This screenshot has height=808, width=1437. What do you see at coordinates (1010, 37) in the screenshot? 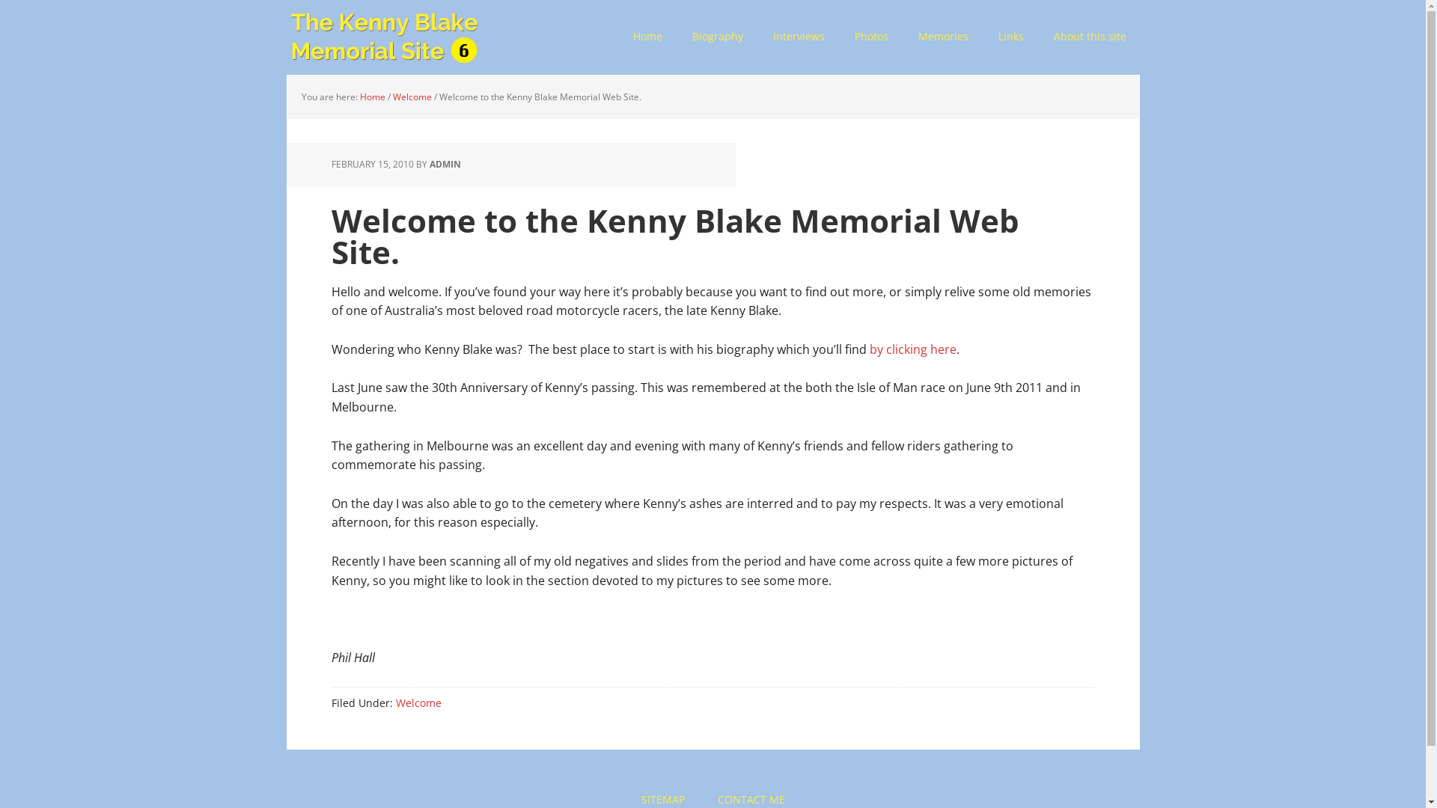
I see `'Links'` at bounding box center [1010, 37].